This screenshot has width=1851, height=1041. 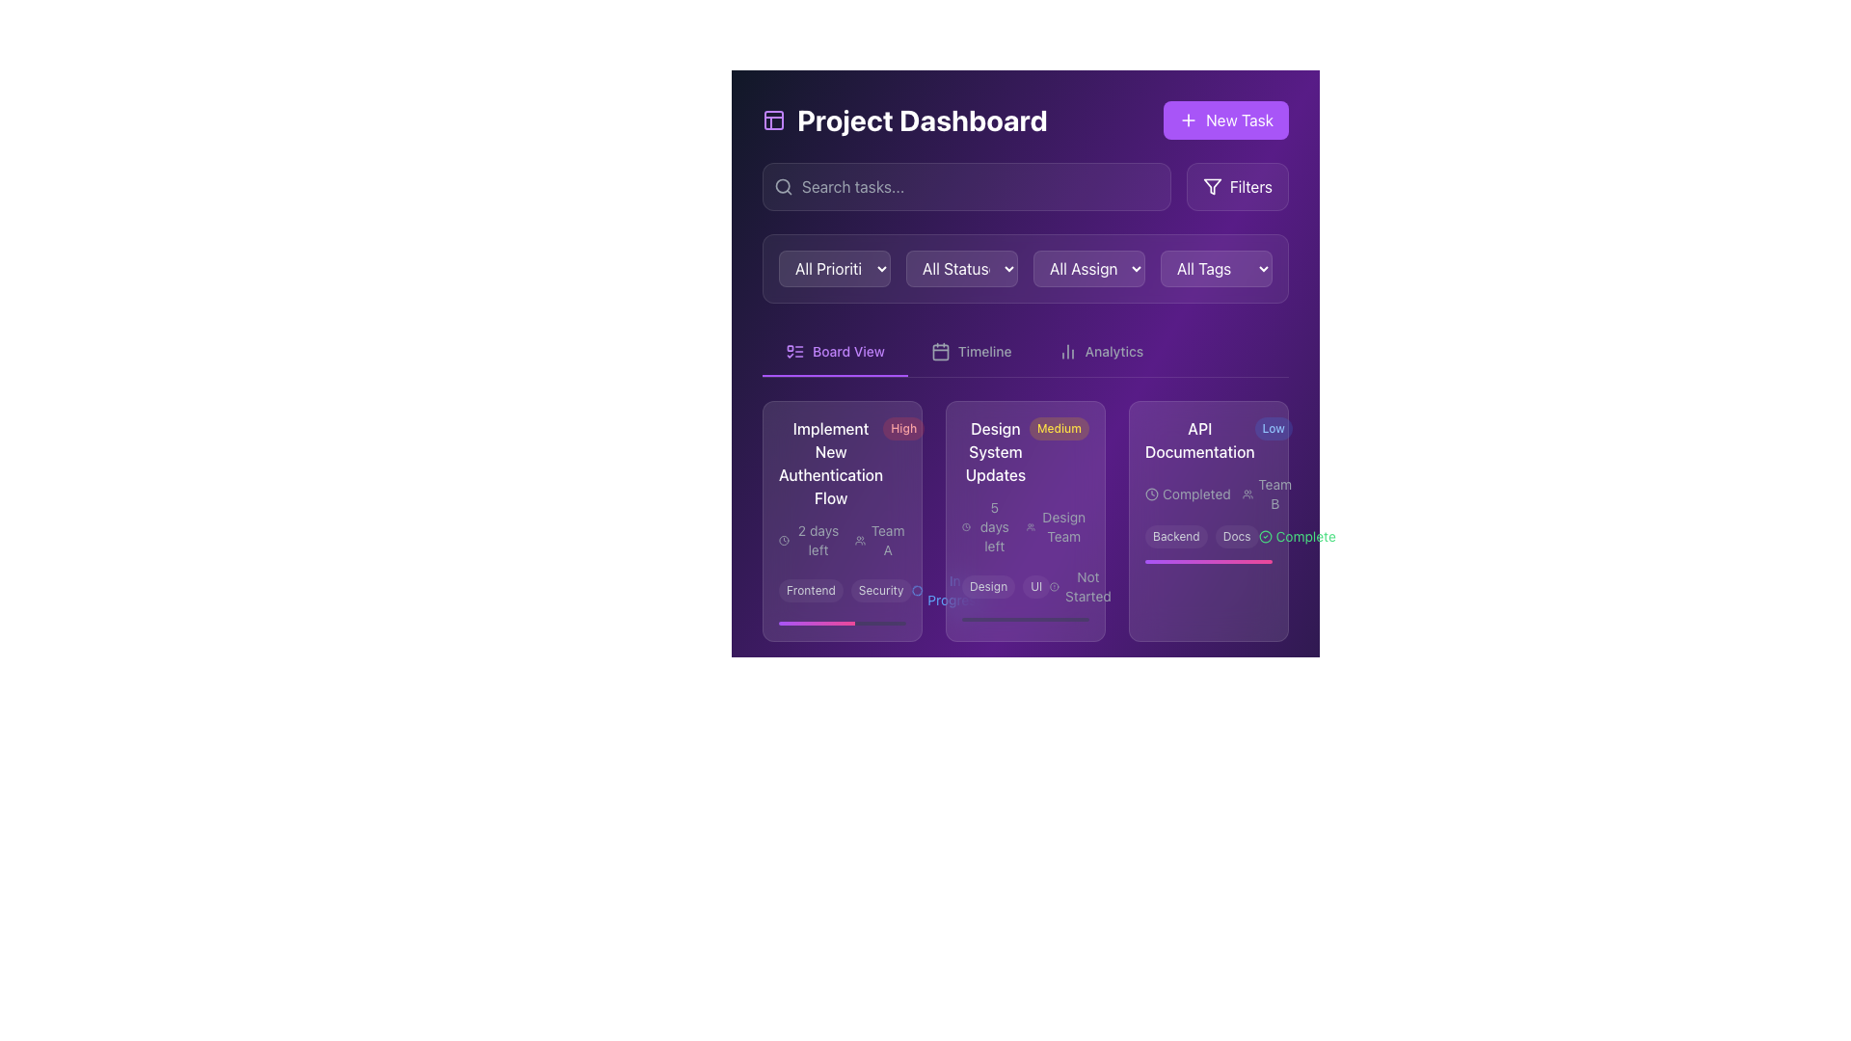 I want to click on the circular SVG element that is part of the magnifying glass icon located within the search input bar, situated near the top-left corner of the interface, so click(x=783, y=186).